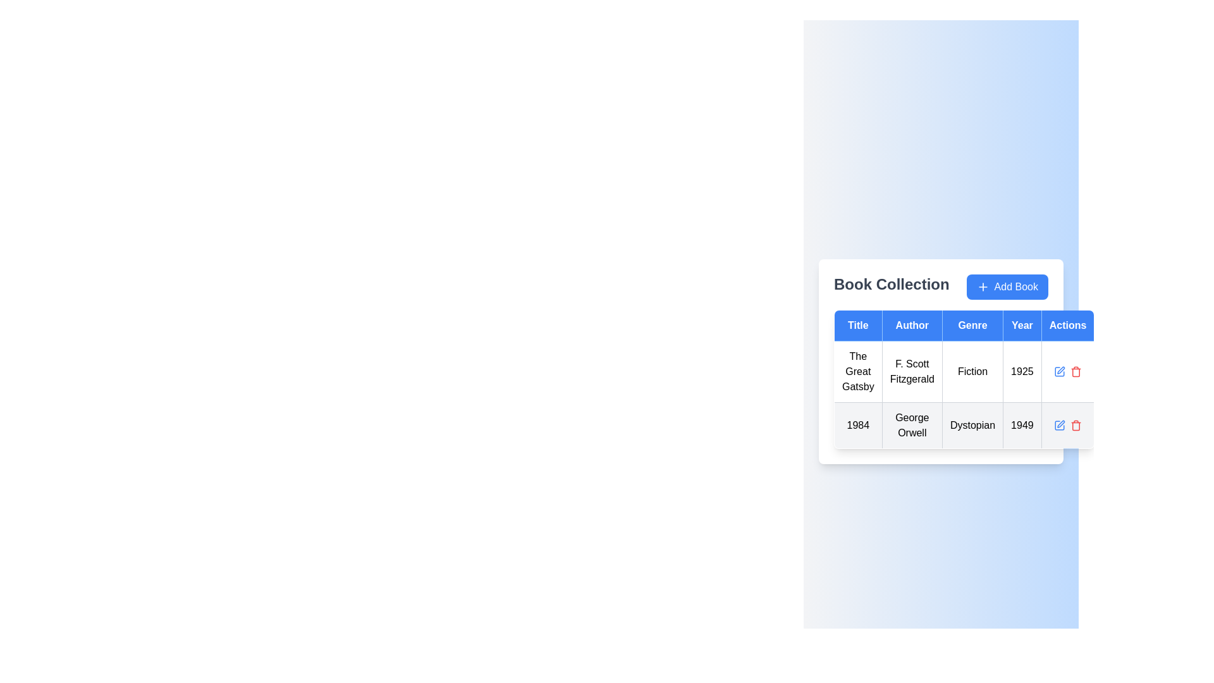 This screenshot has width=1214, height=683. Describe the element at coordinates (1059, 371) in the screenshot. I see `the Icon button in the 'Actions' column of the first book entry in the table` at that location.